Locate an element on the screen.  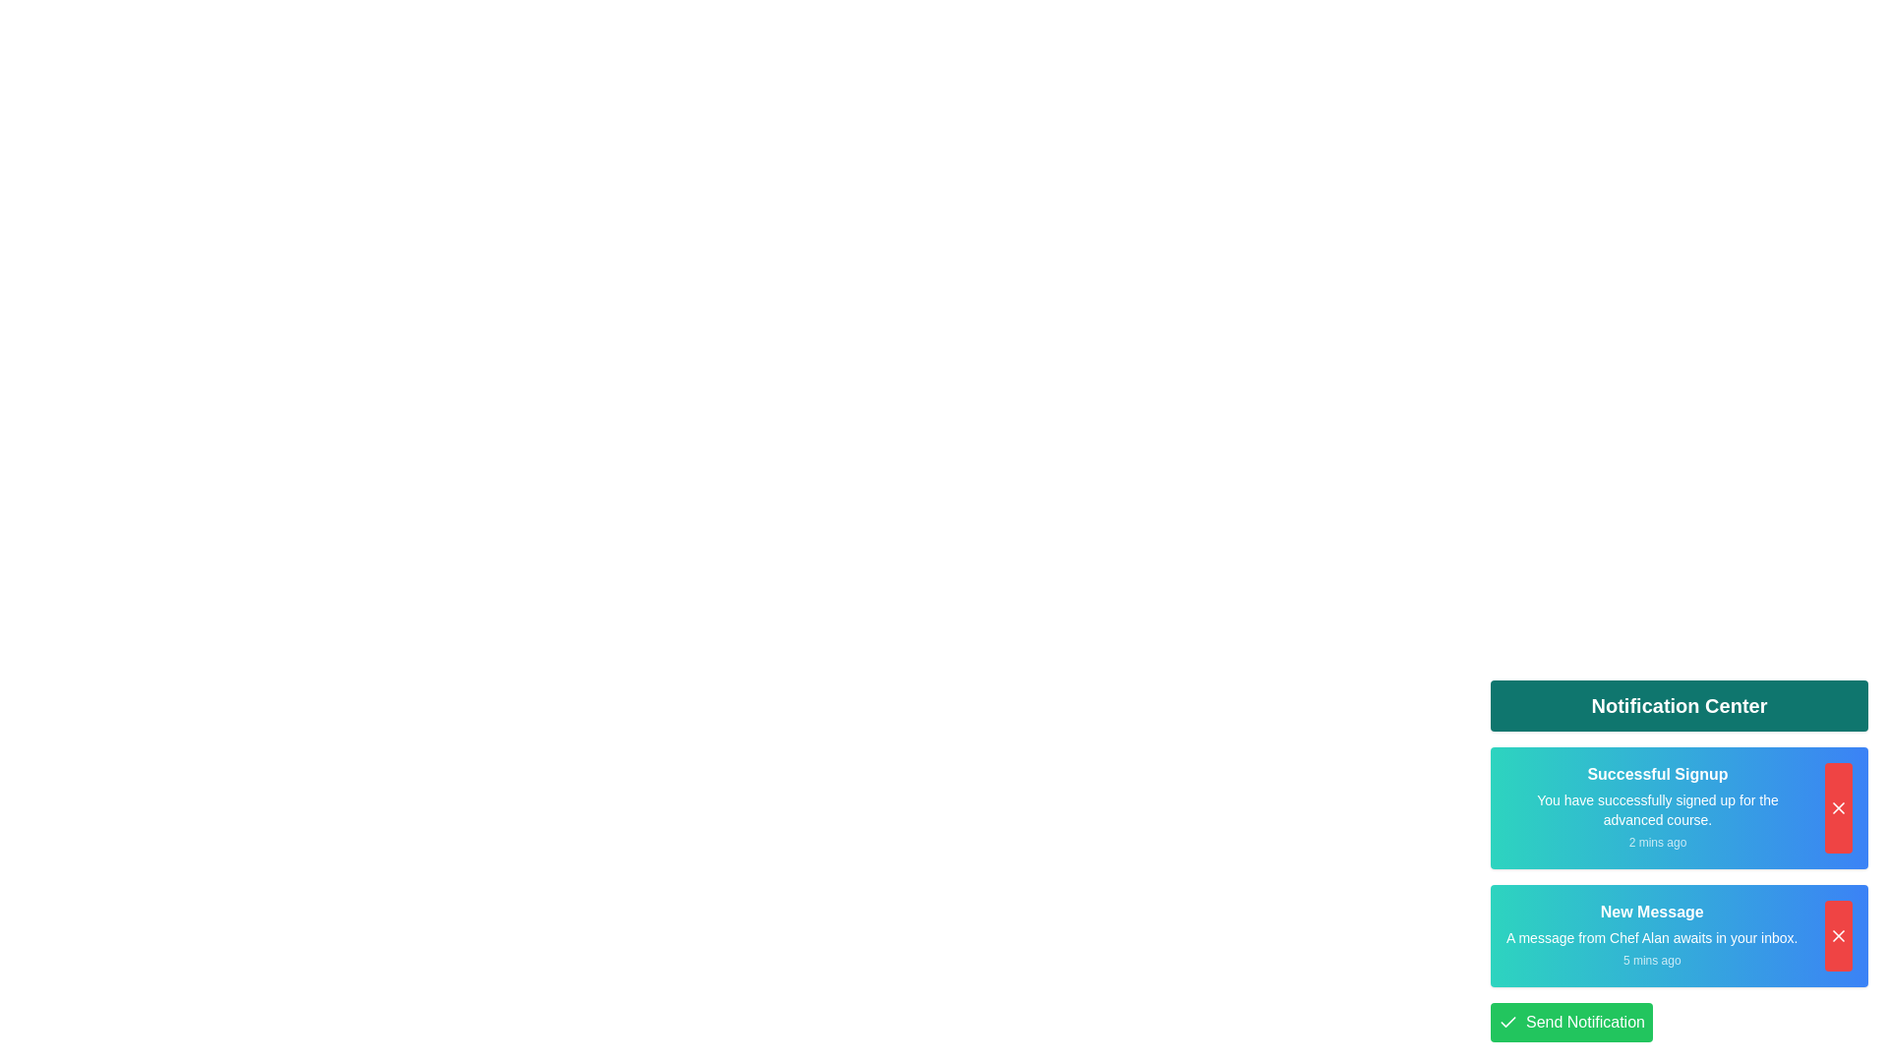
the 'Send Notification' button is located at coordinates (1570, 1022).